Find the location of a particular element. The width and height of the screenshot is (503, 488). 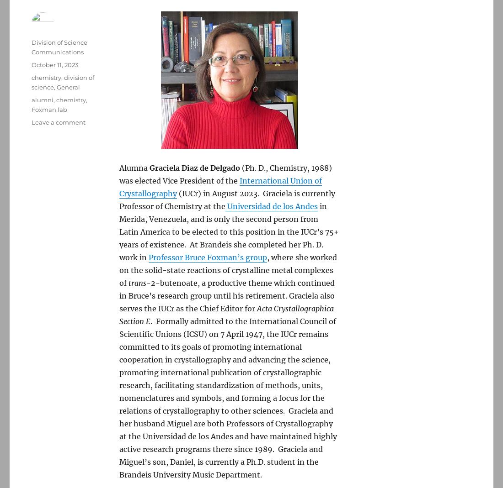

'-2-butenoate, a productive theme which continued in Bruce’s research group until his retirement. Graciela also serves the IUCr as the Chief Editor for' is located at coordinates (227, 295).